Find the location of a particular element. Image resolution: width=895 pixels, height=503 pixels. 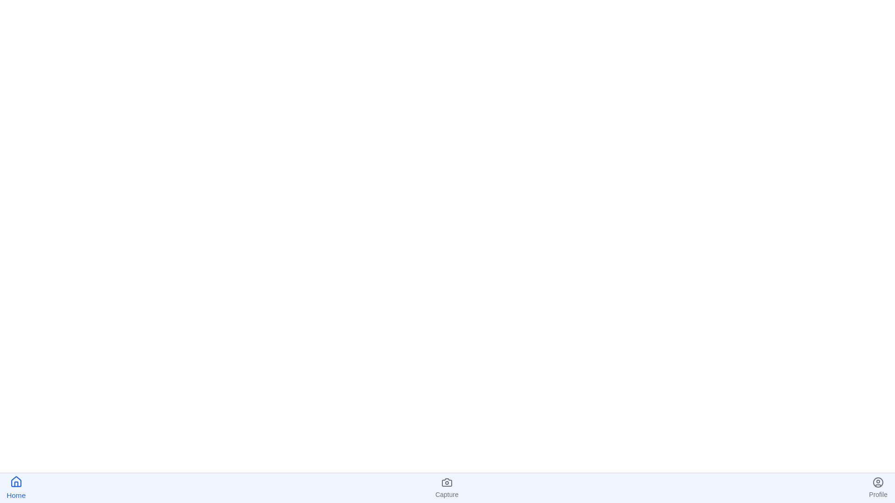

the Profile tab to navigate to it is located at coordinates (878, 488).